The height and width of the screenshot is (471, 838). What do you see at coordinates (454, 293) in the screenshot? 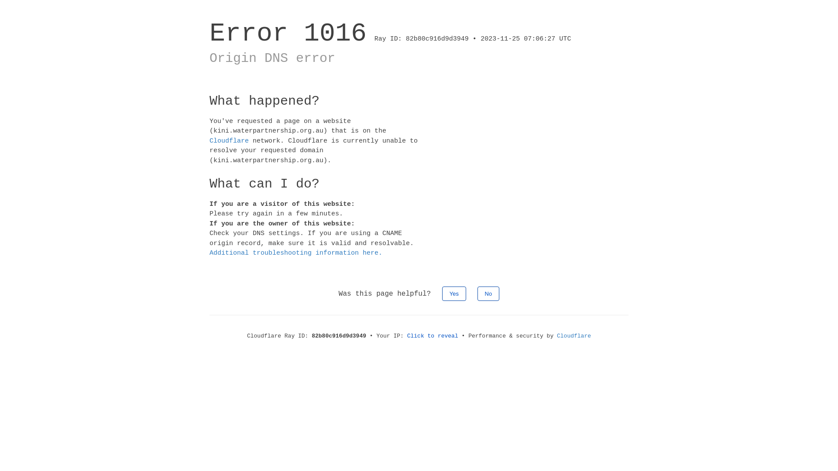
I see `'Yes'` at bounding box center [454, 293].